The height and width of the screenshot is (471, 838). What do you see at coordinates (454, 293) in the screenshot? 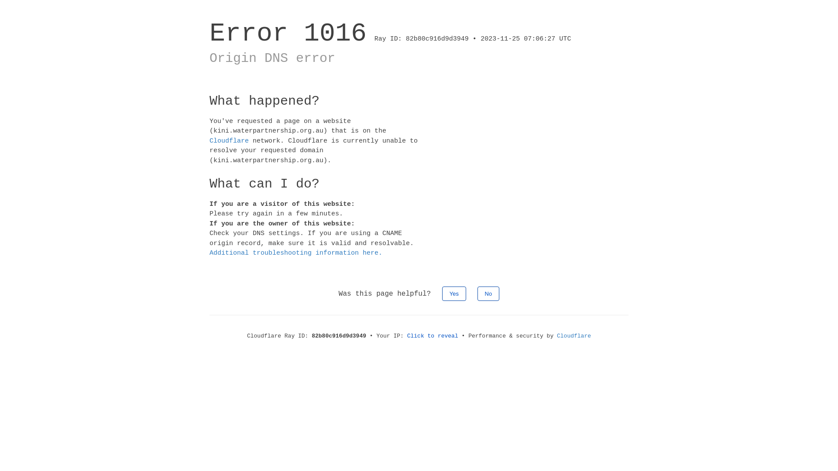
I see `'Yes'` at bounding box center [454, 293].